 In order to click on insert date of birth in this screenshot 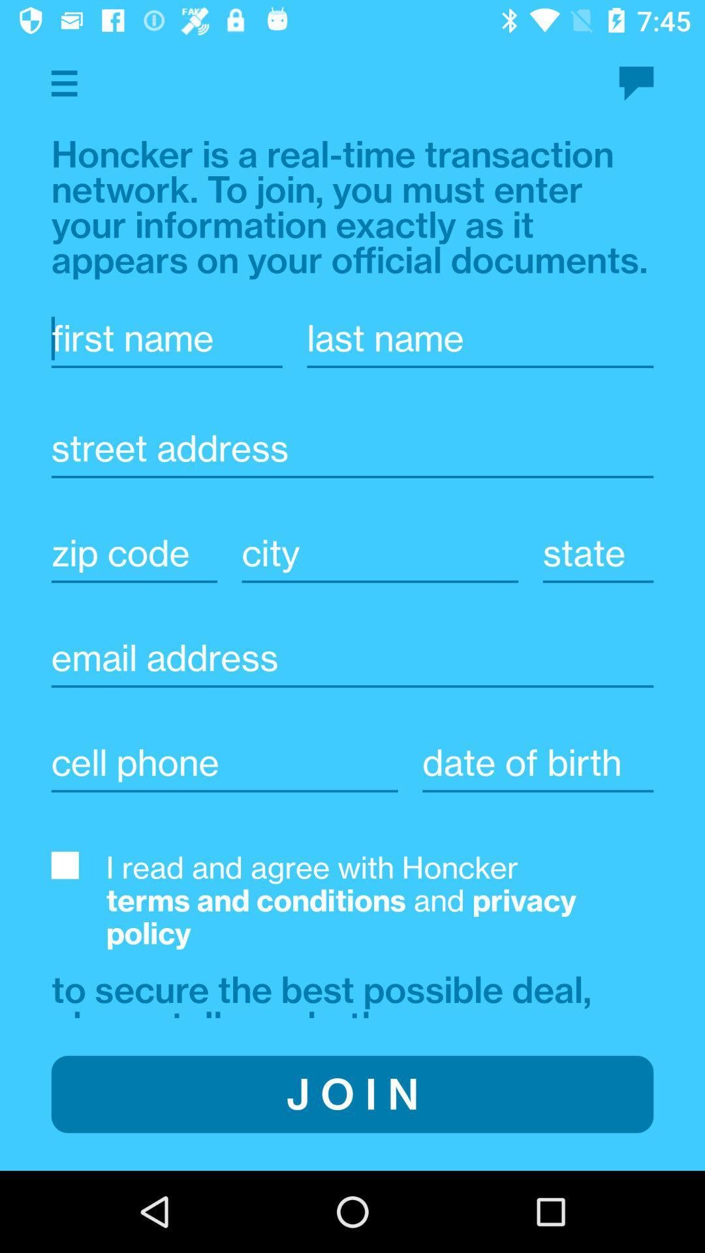, I will do `click(538, 762)`.